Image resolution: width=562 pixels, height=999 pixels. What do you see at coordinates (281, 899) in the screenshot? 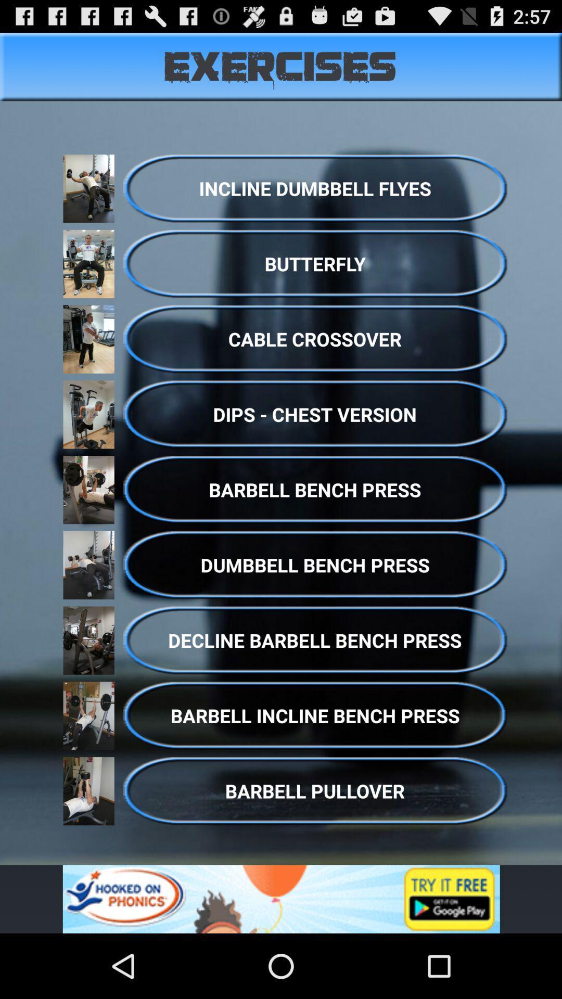
I see `tap advertisement` at bounding box center [281, 899].